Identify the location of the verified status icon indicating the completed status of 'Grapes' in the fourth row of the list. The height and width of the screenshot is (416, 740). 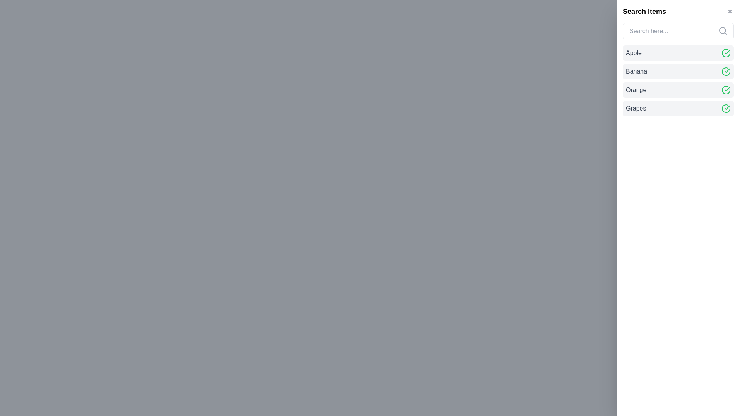
(727, 107).